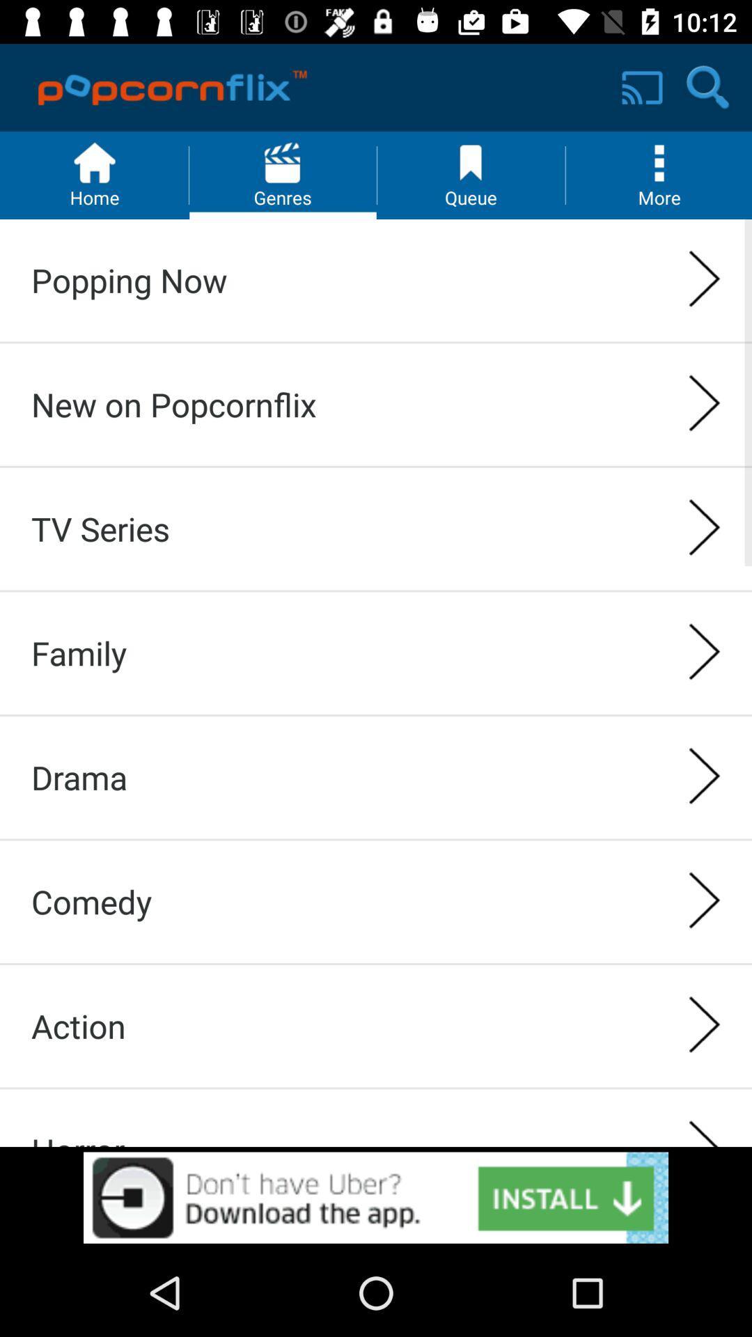  Describe the element at coordinates (705, 528) in the screenshot. I see `the symbol right next to tv series` at that location.